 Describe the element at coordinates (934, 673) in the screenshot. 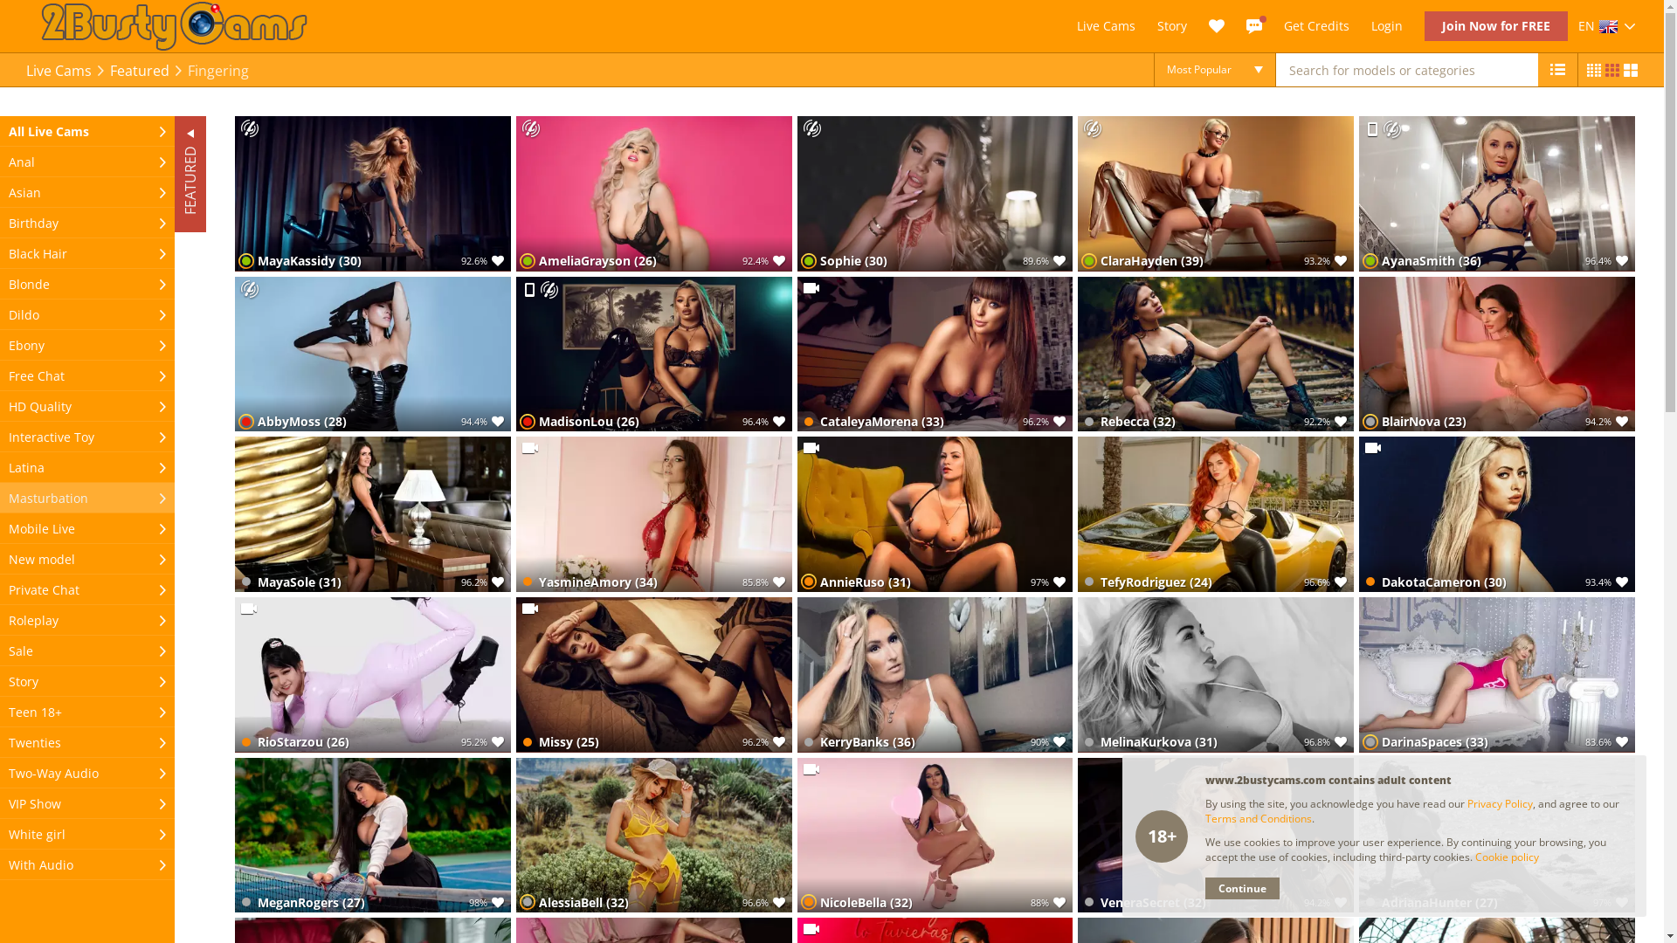

I see `'KerryBanks (36)` at that location.